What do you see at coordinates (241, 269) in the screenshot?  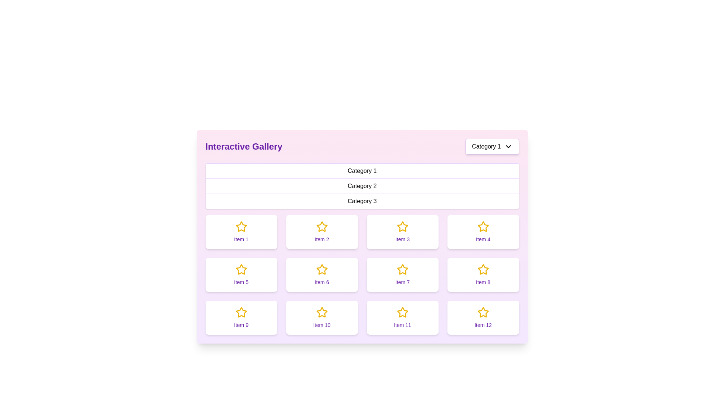 I see `the star icon on the card labeled 'Item 5', which is visually distinct with a white background and rounded corners, positioned in the first column of the second row` at bounding box center [241, 269].